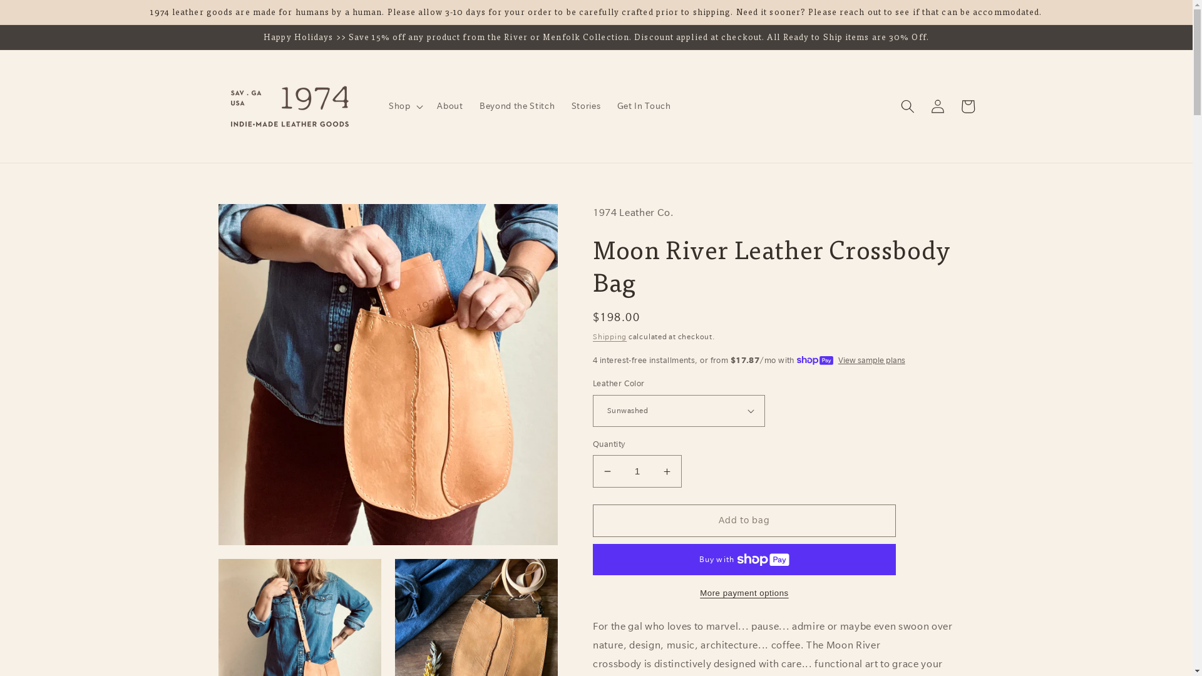  I want to click on 'Add to bag', so click(744, 521).